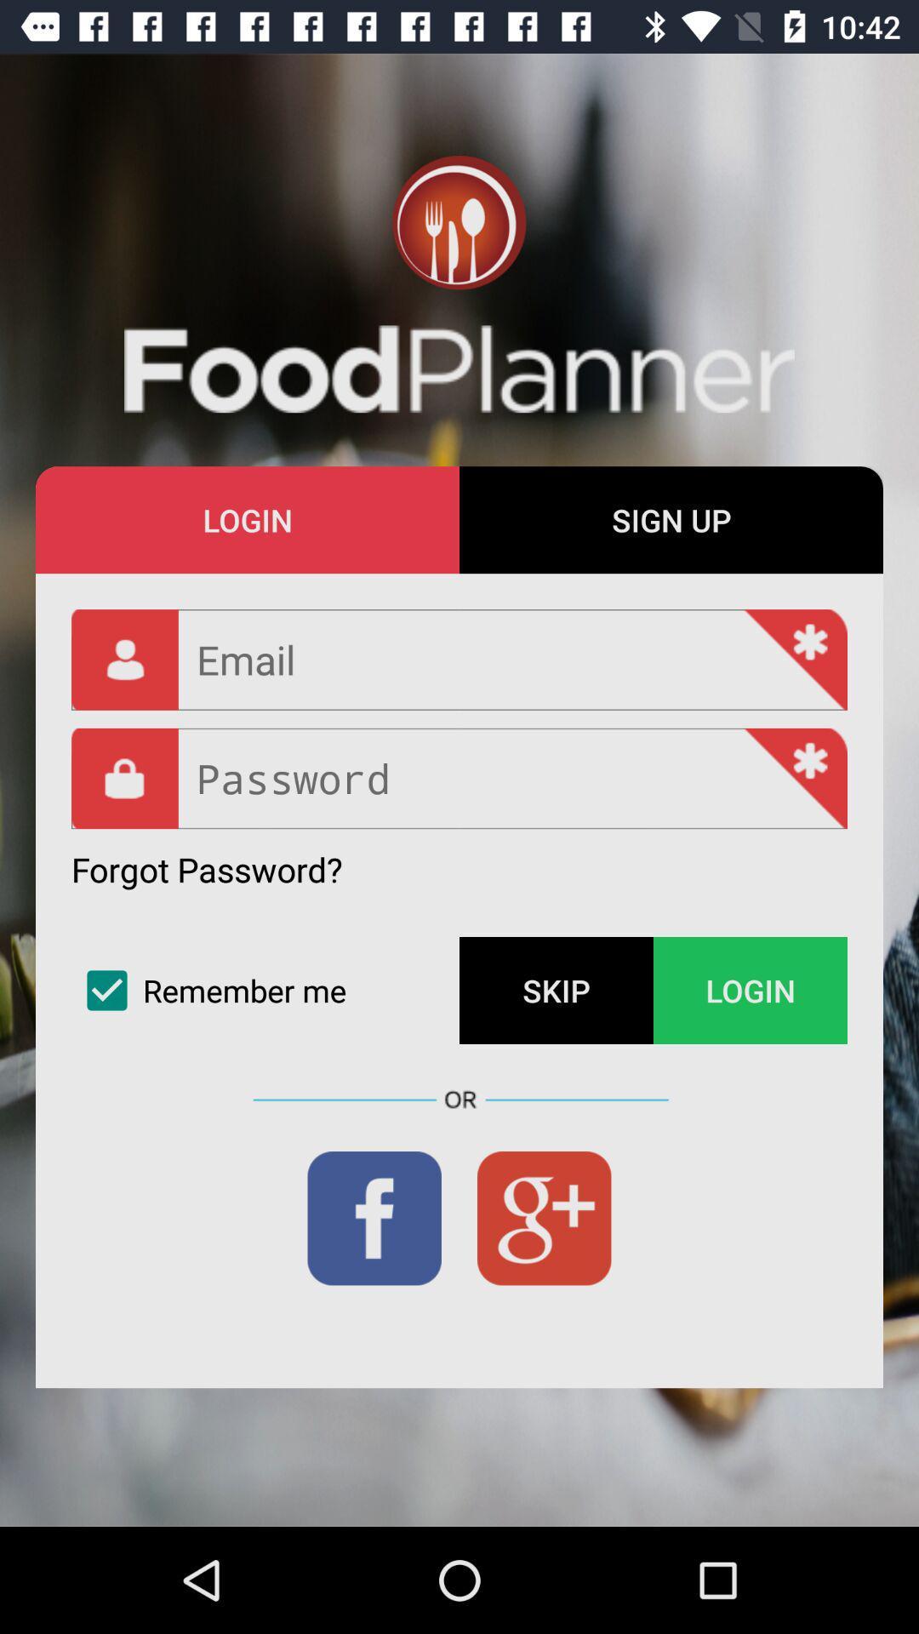  I want to click on name button, so click(459, 659).